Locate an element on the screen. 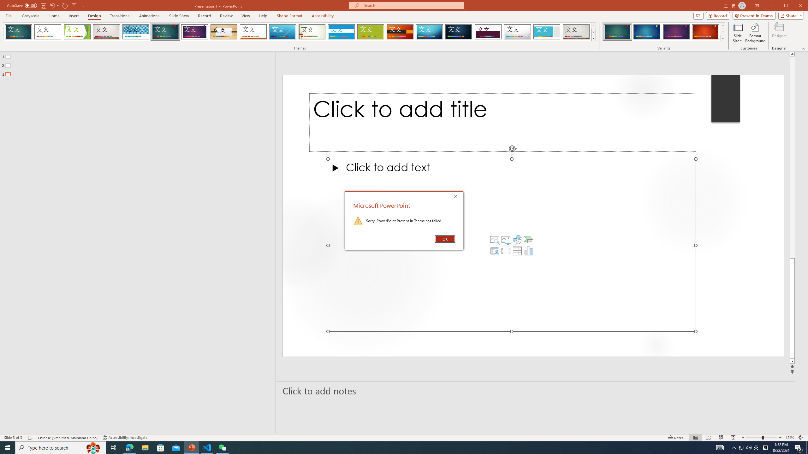 This screenshot has height=454, width=808. 'Basis' is located at coordinates (371, 32).